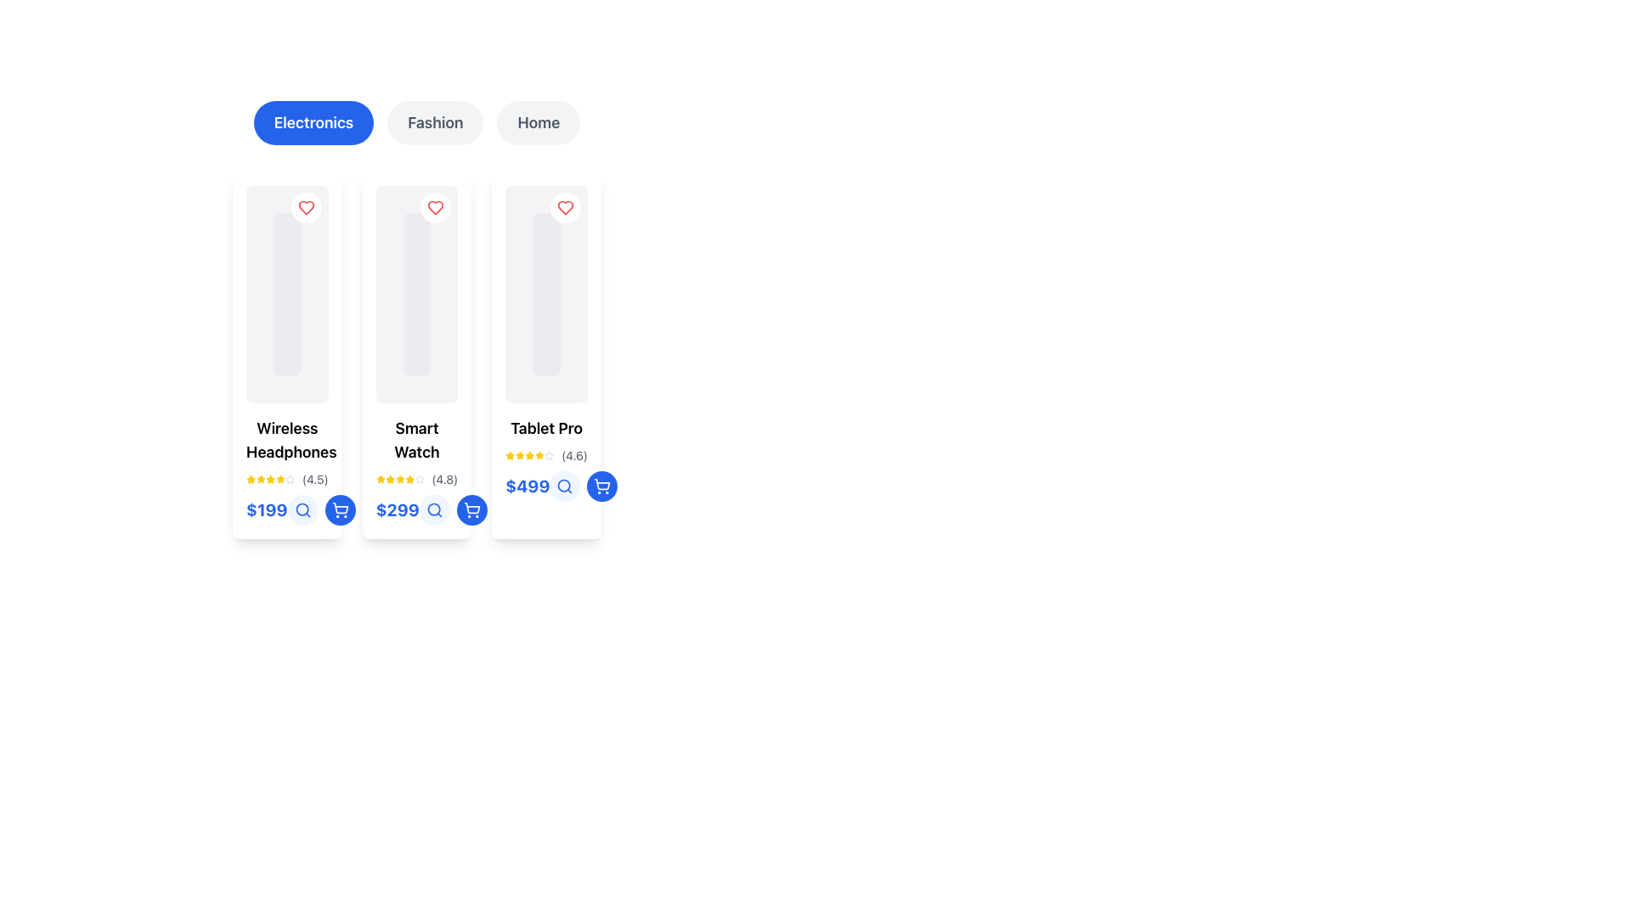 The image size is (1631, 917). I want to click on the 'Fashion' category button using keyboard navigation, so click(435, 122).